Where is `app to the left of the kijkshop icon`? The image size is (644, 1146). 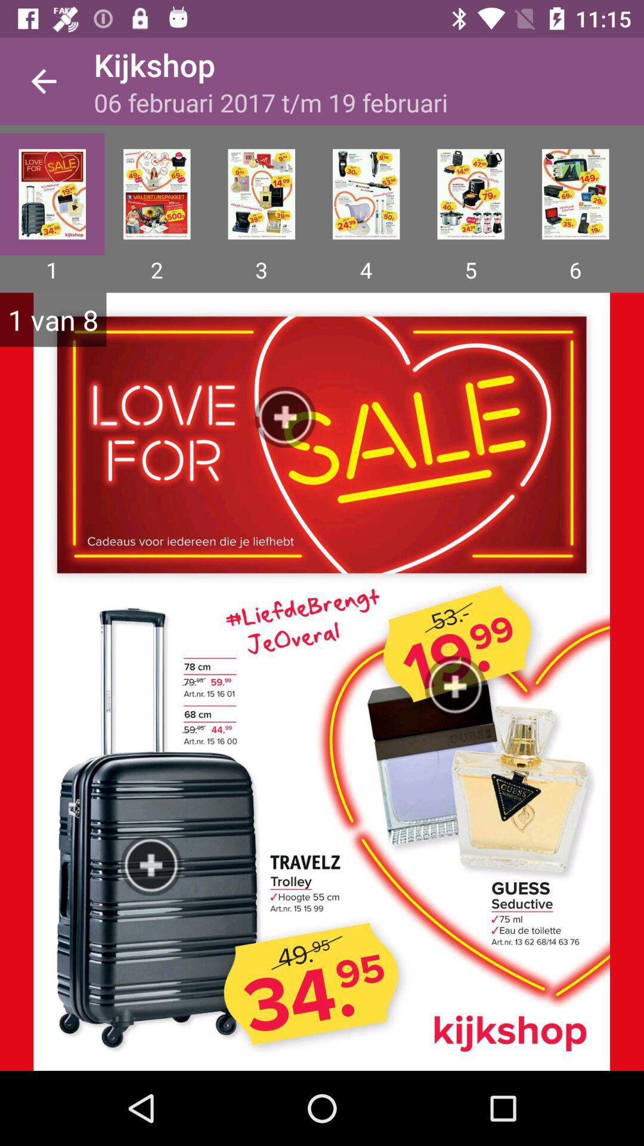 app to the left of the kijkshop icon is located at coordinates (43, 81).